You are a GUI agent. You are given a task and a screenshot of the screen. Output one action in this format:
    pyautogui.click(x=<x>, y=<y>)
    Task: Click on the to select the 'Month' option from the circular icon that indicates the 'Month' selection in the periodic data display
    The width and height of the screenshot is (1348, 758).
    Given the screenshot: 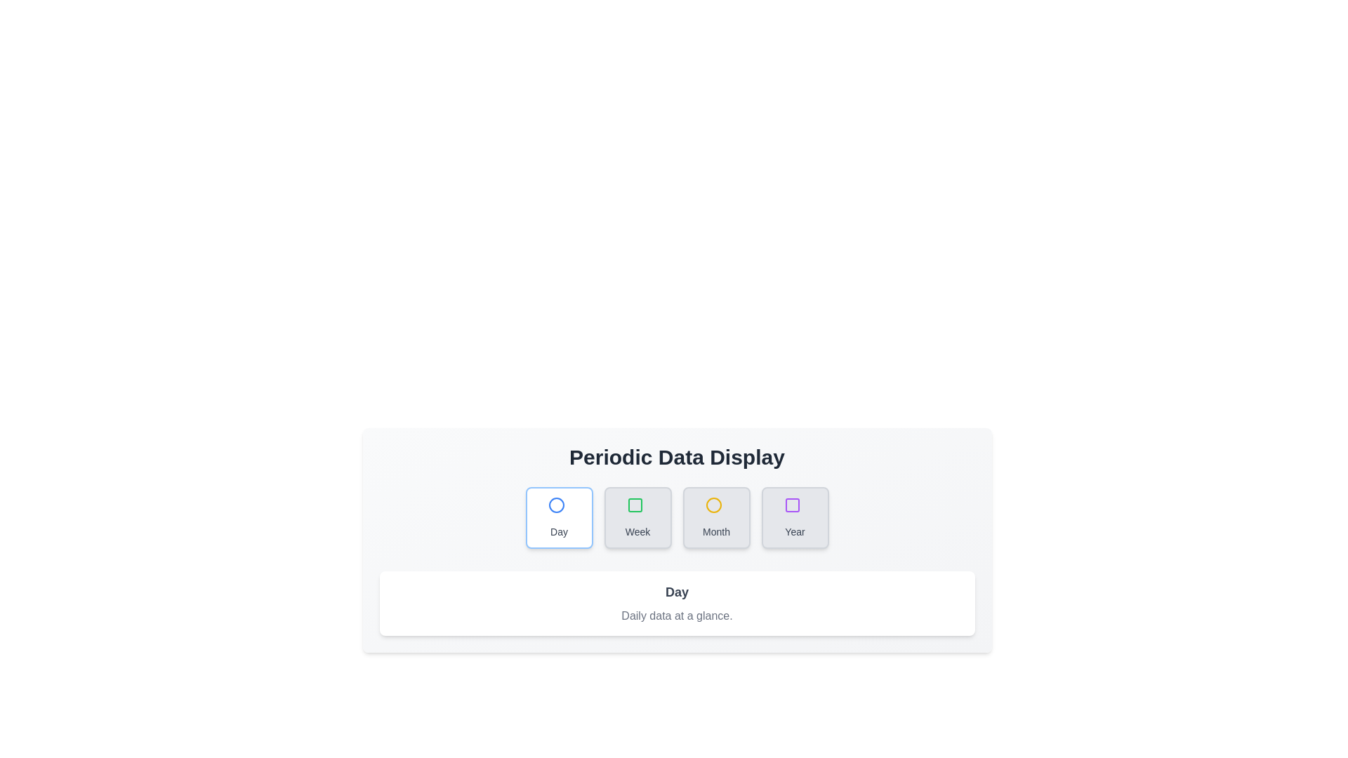 What is the action you would take?
    pyautogui.click(x=713, y=505)
    